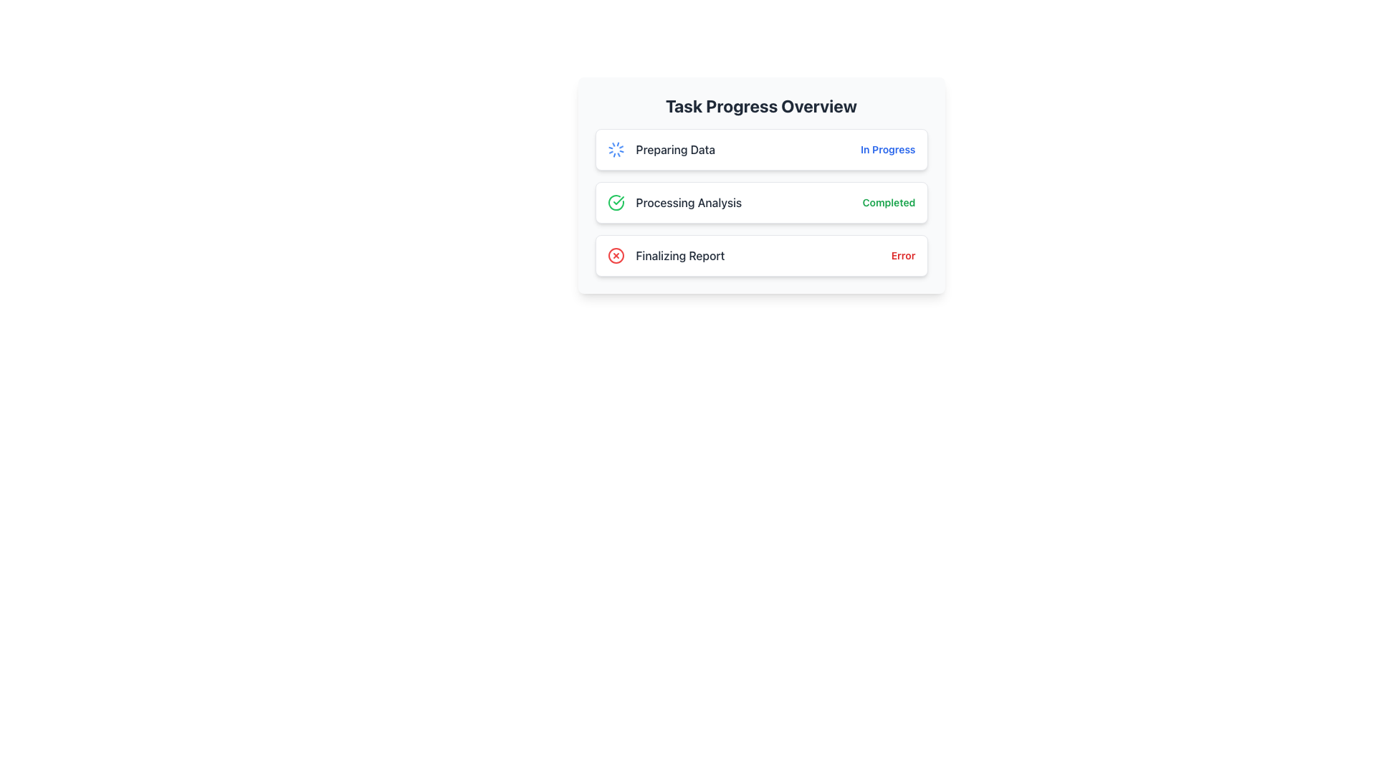 This screenshot has width=1376, height=774. I want to click on the 'Error' text label, which is styled in bold red font and indicates an issue in the 'Finalizing Report' task progress overview, so click(902, 255).